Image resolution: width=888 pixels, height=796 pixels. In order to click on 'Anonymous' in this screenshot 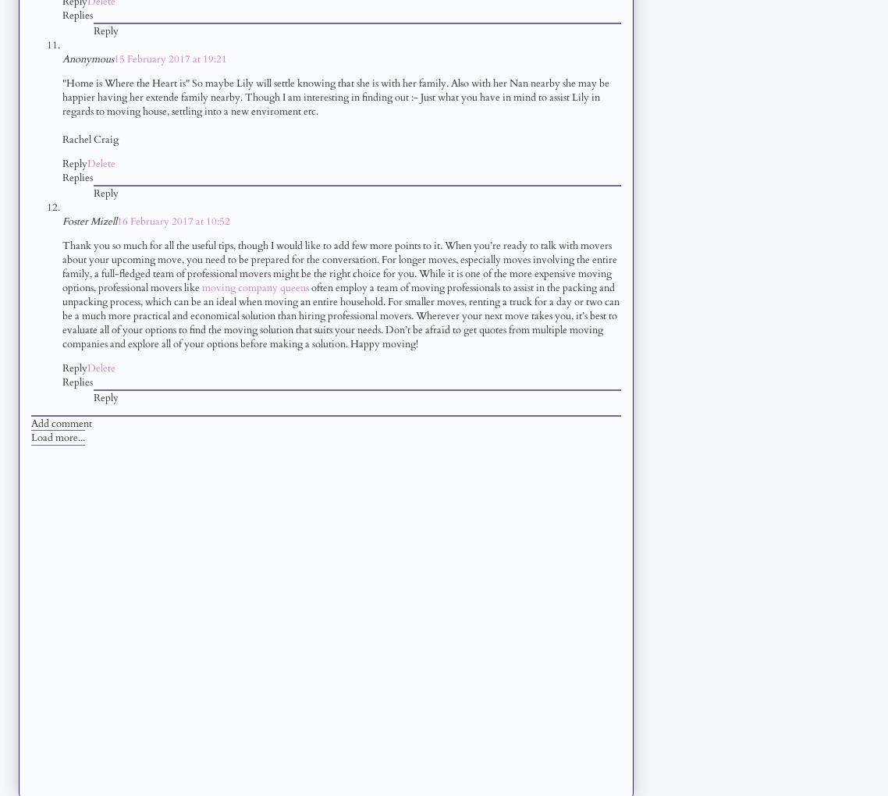, I will do `click(87, 58)`.